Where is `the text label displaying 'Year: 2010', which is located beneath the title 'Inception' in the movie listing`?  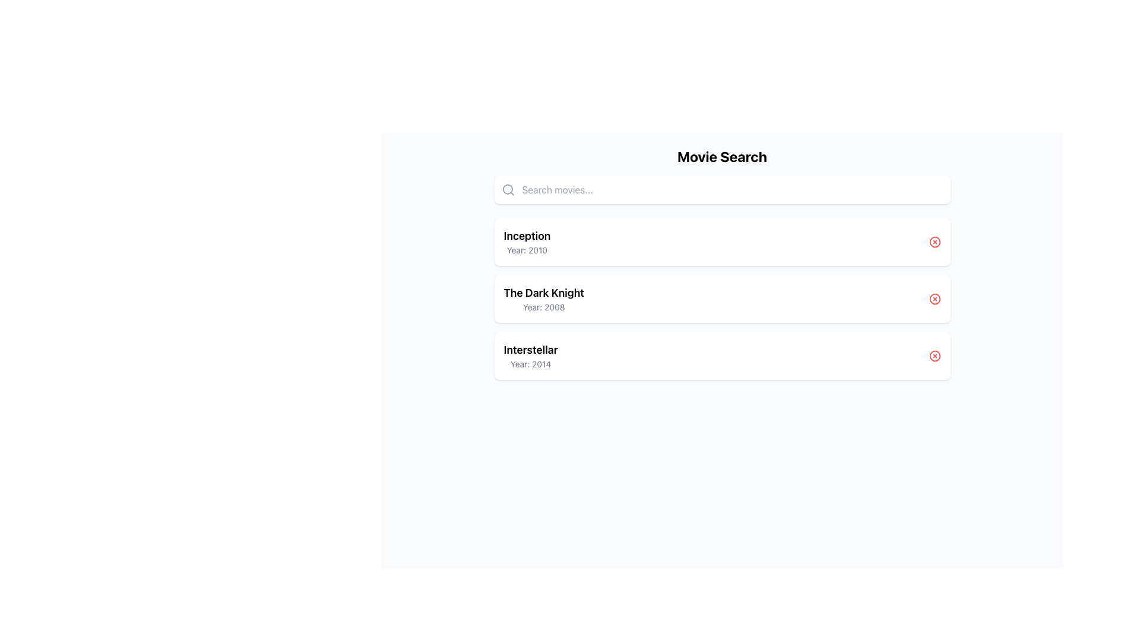 the text label displaying 'Year: 2010', which is located beneath the title 'Inception' in the movie listing is located at coordinates (526, 249).